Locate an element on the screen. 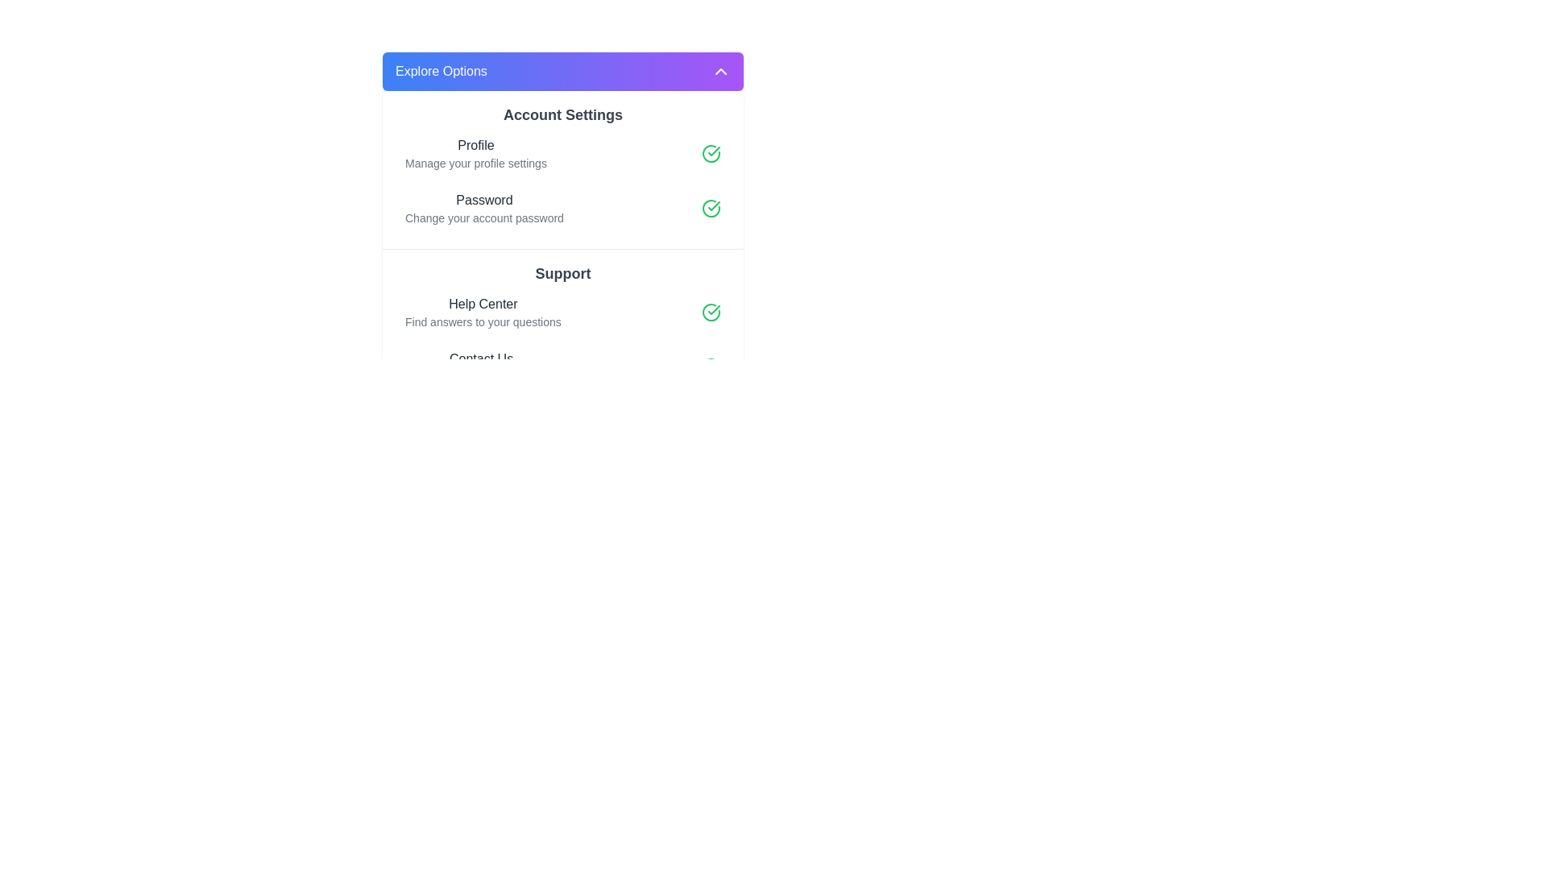 Image resolution: width=1547 pixels, height=870 pixels. the circular status indicator icon with a green outline and checkmark, located to the right of the 'Profile' option in the 'Account Settings' section is located at coordinates (711, 207).